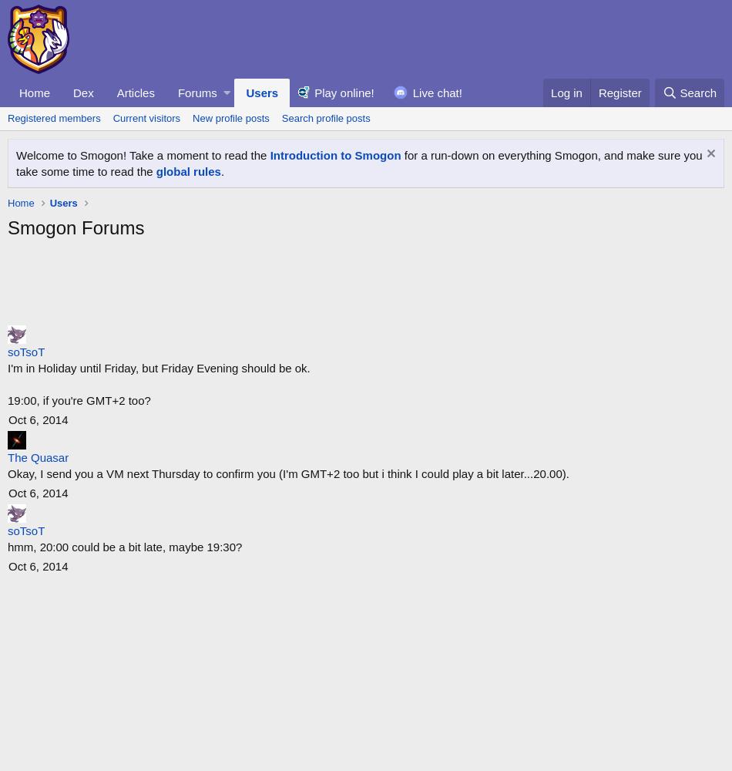  What do you see at coordinates (566, 91) in the screenshot?
I see `'Log in'` at bounding box center [566, 91].